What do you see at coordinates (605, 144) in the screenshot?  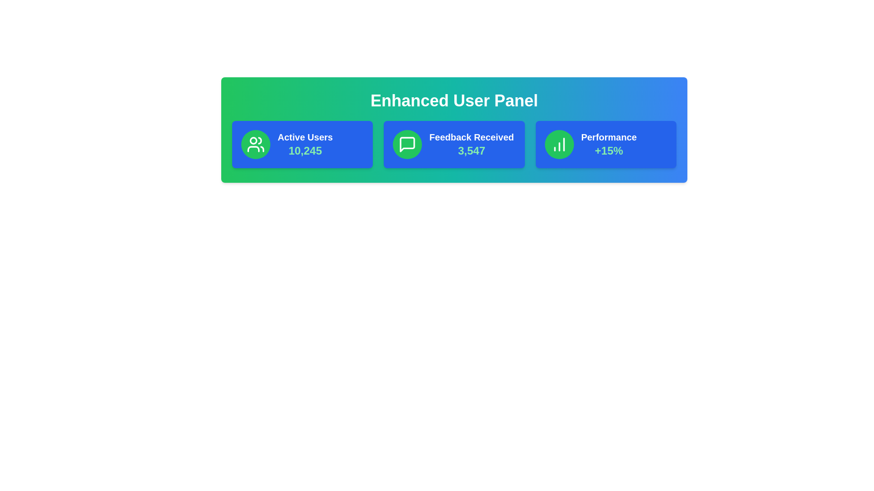 I see `the card corresponding to Performance to select or highlight it` at bounding box center [605, 144].